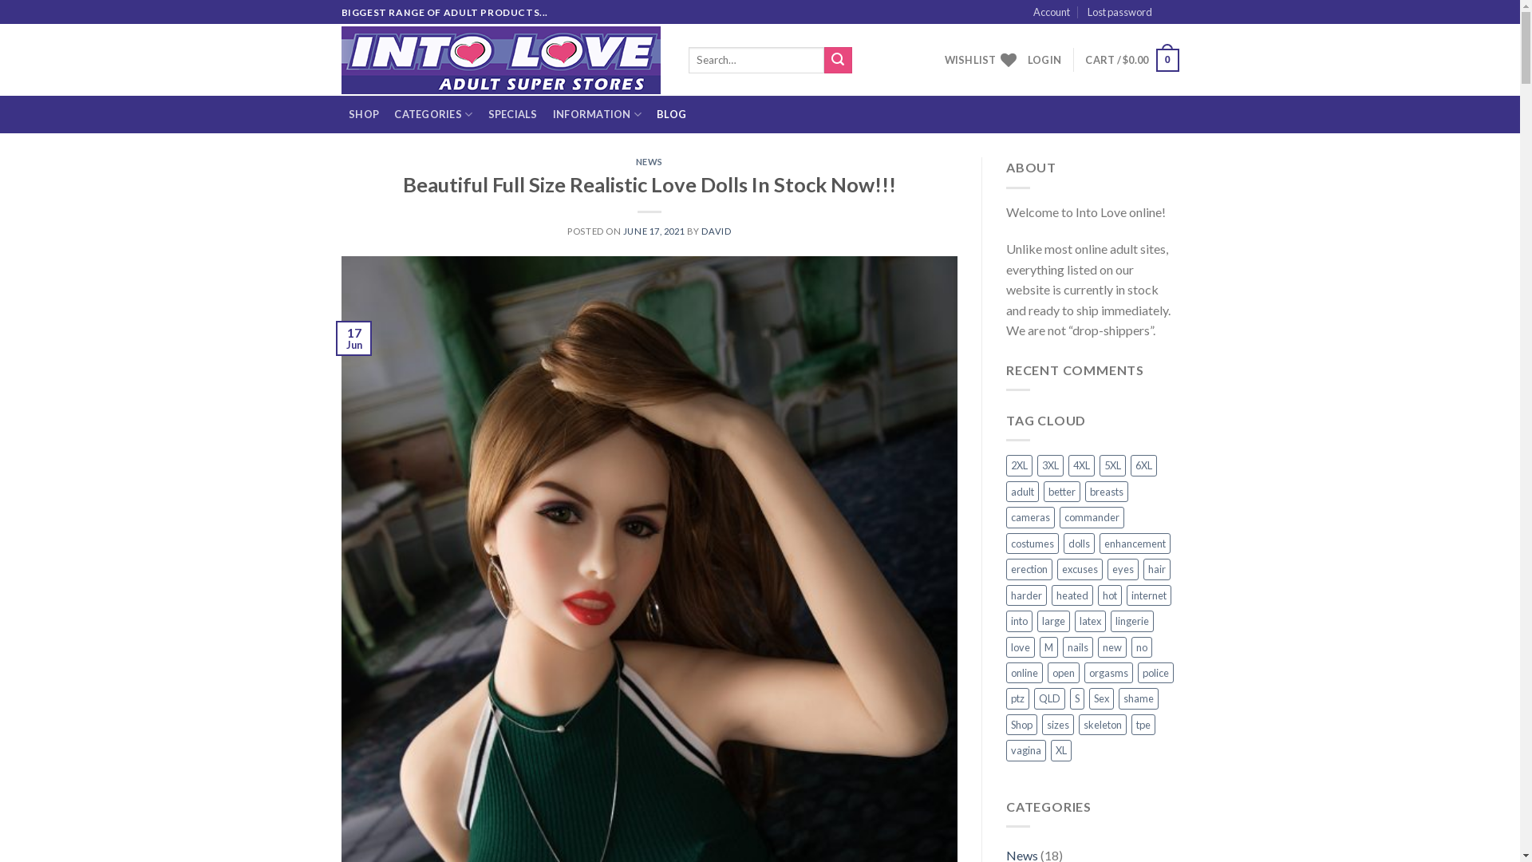  Describe the element at coordinates (1021, 724) in the screenshot. I see `'Shop'` at that location.